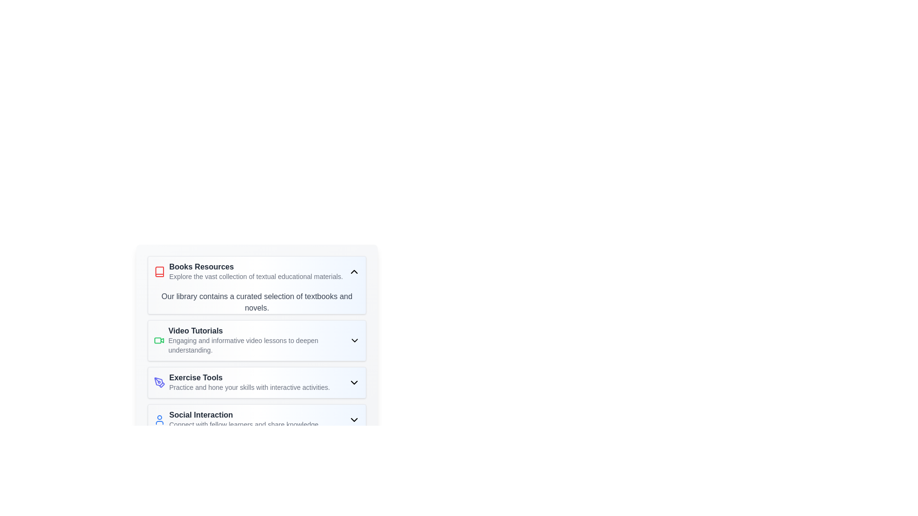  What do you see at coordinates (259, 340) in the screenshot?
I see `the Text display component that summarizes the 'Video Tutorials' section, located below 'Books Resources' and above 'Exercise Tools'` at bounding box center [259, 340].